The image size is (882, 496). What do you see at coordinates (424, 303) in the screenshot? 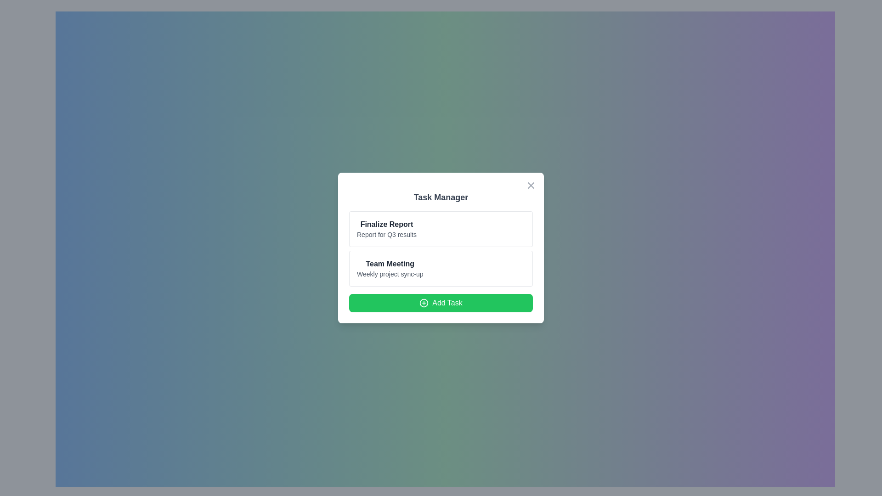
I see `the circular green button labeled 'Add Task' at the bottom of the 'Task Manager' modal window by clicking on it` at bounding box center [424, 303].